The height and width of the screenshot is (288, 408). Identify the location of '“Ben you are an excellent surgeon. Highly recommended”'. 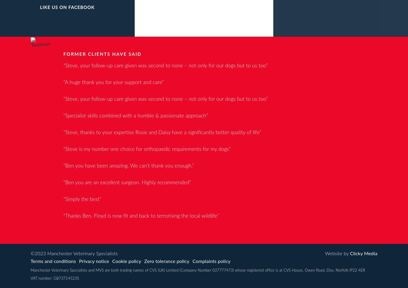
(127, 182).